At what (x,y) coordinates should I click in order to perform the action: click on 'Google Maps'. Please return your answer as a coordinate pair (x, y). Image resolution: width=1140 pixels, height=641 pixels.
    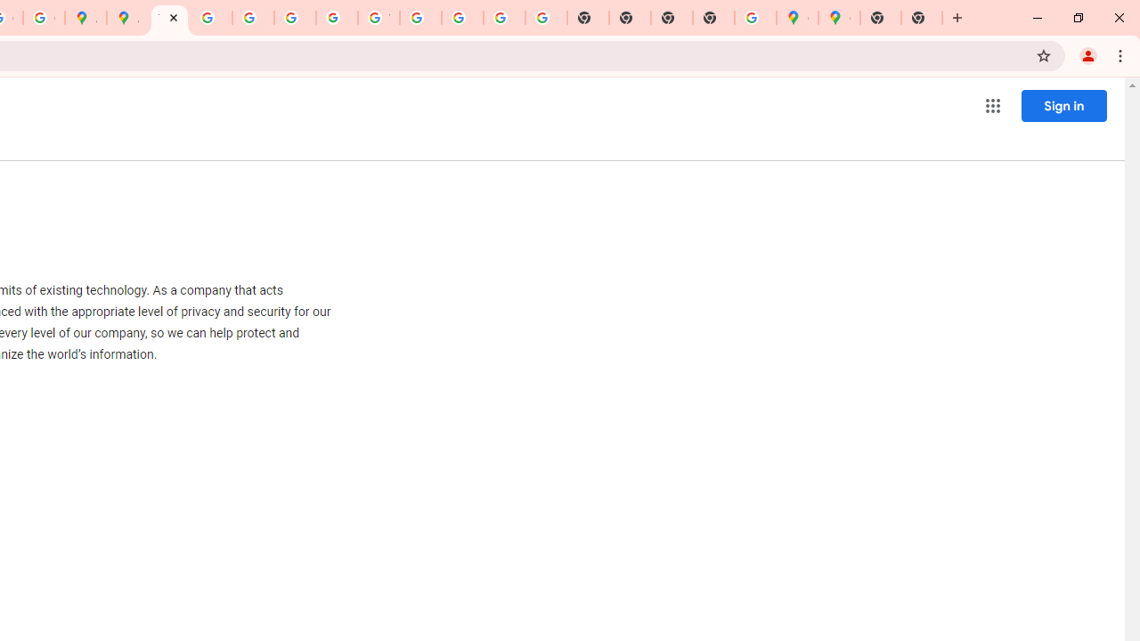
    Looking at the image, I should click on (796, 18).